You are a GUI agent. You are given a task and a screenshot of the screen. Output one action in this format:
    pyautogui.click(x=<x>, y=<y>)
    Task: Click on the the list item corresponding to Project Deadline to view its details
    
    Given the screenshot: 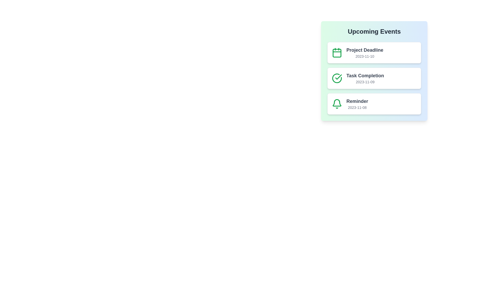 What is the action you would take?
    pyautogui.click(x=374, y=52)
    